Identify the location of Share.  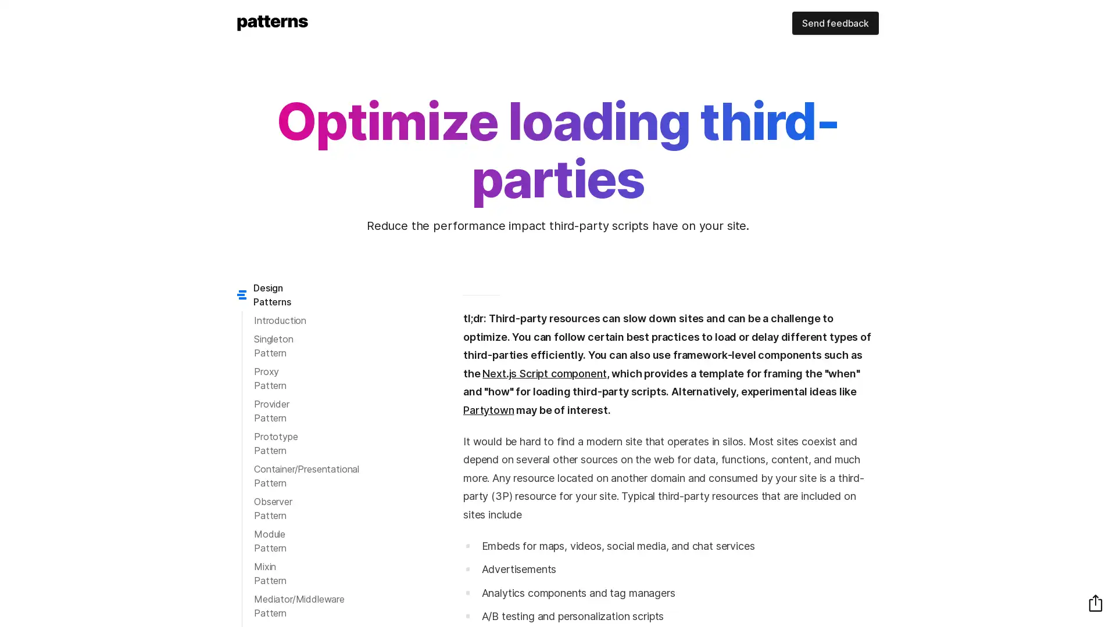
(1095, 602).